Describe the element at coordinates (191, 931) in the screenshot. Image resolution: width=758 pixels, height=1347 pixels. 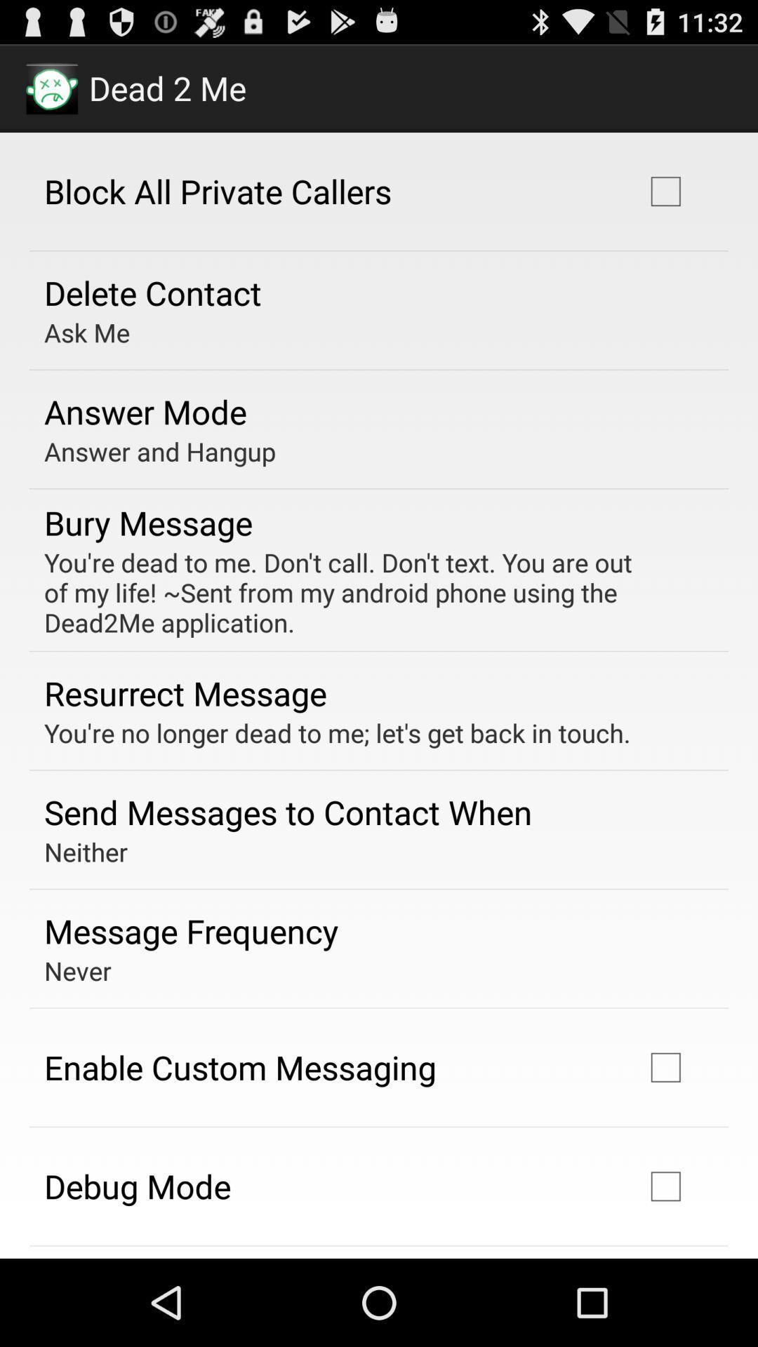
I see `the message frequency` at that location.